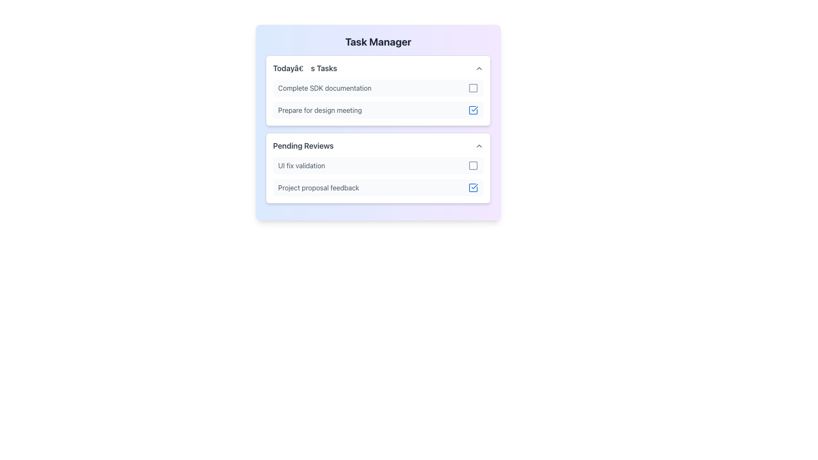 This screenshot has height=460, width=818. What do you see at coordinates (324, 88) in the screenshot?
I see `the text label that serves as the title of the first task in the 'Today’s Tasks' section, located at the top and aligned with a checkbox on the right` at bounding box center [324, 88].